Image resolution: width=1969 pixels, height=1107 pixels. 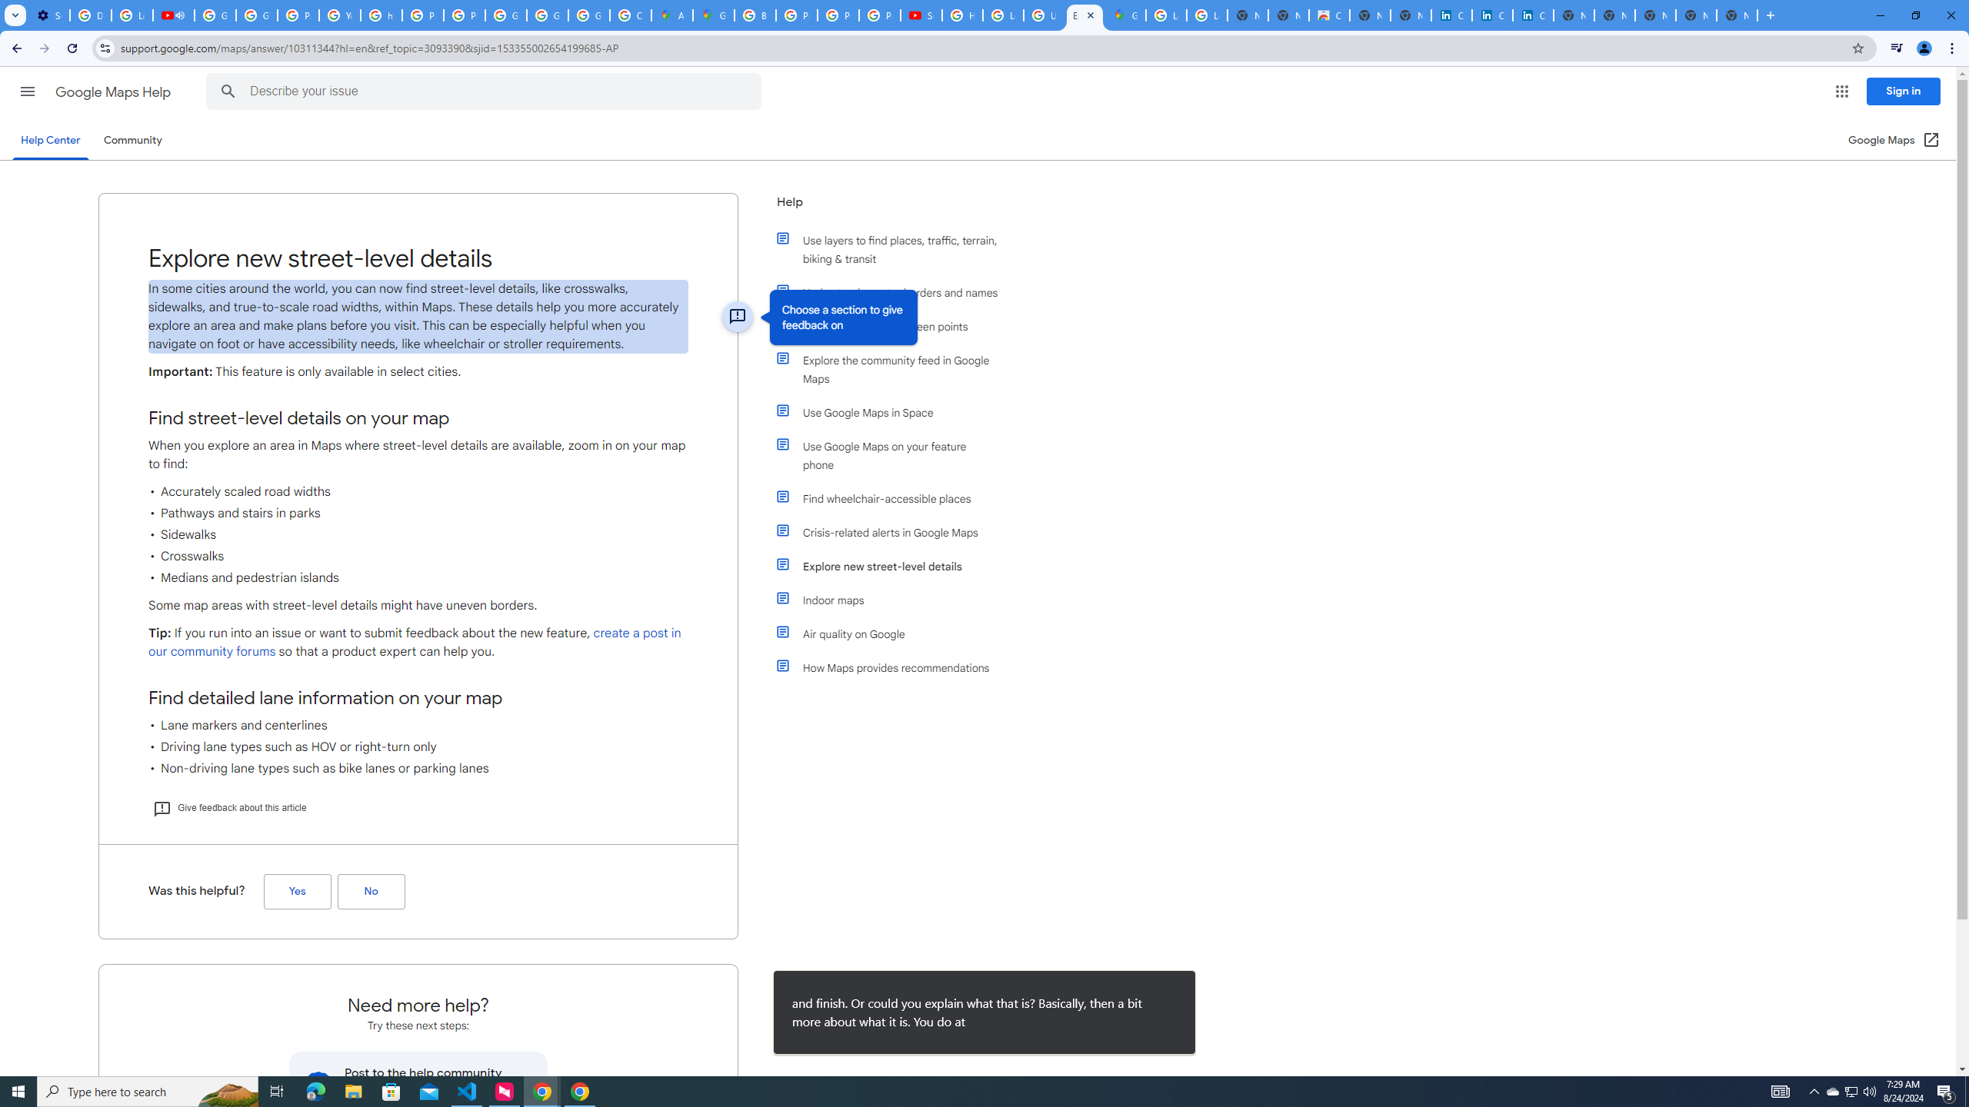 I want to click on 'Delete photos & videos - Computer - Google Photos Help', so click(x=90, y=15).